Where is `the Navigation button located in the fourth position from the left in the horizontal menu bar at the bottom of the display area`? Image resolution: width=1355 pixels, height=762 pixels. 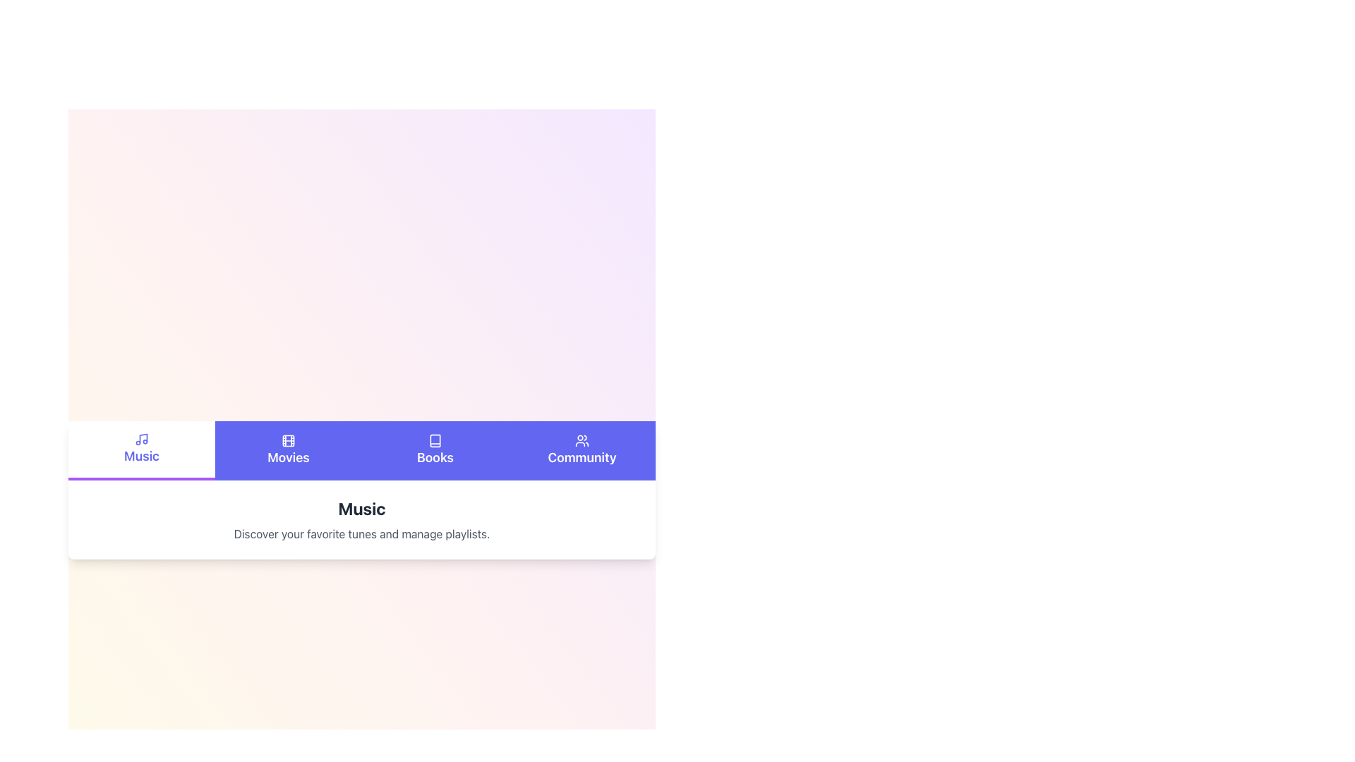 the Navigation button located in the fourth position from the left in the horizontal menu bar at the bottom of the display area is located at coordinates (582, 451).